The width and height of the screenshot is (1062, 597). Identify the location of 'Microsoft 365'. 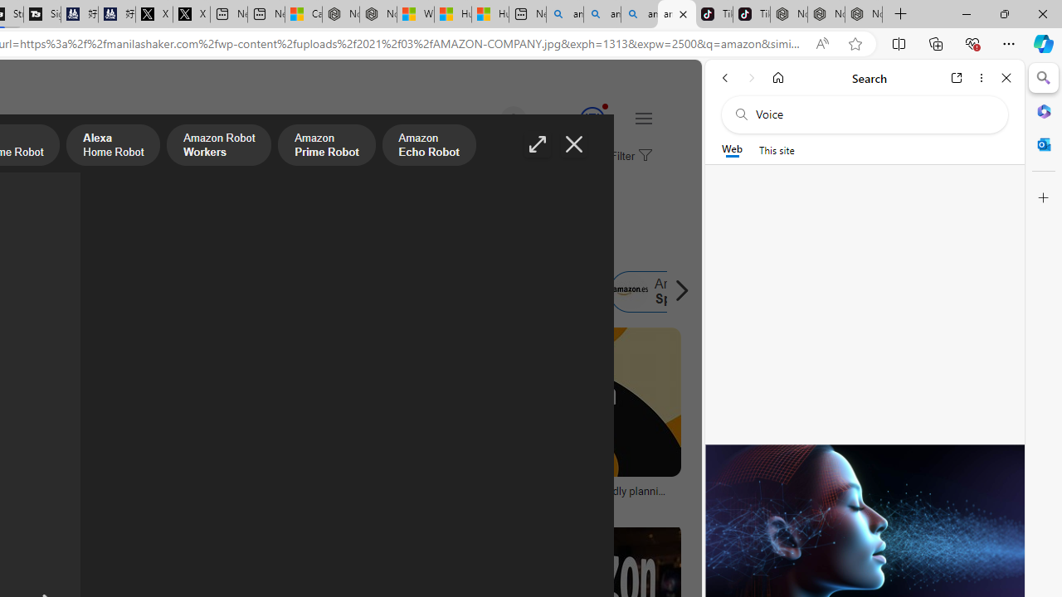
(1043, 110).